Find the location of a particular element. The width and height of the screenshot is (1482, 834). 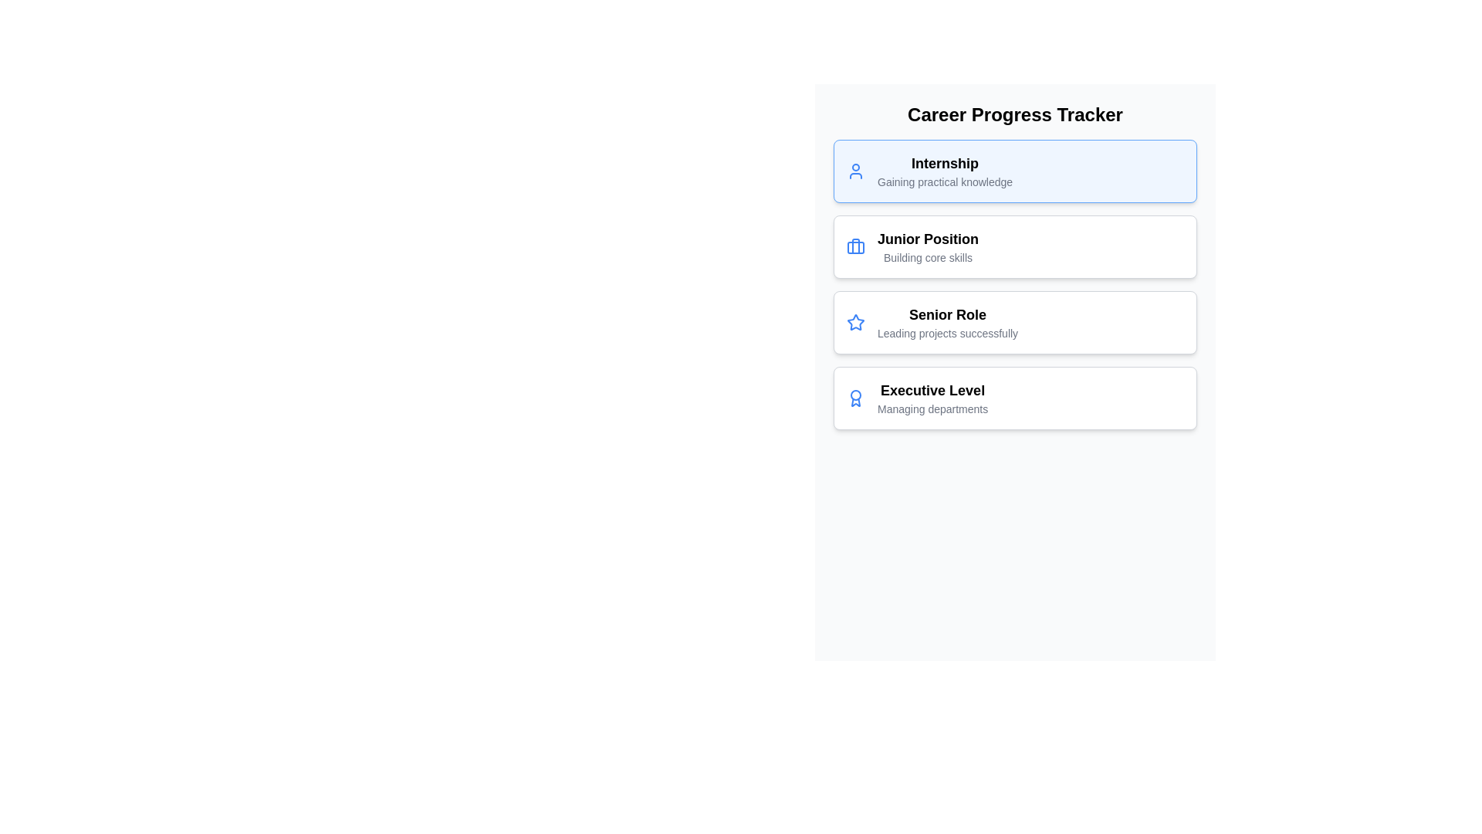

the 'Executive Level' text block card, which is the last item in the Career Progress Tracker series is located at coordinates (932, 398).